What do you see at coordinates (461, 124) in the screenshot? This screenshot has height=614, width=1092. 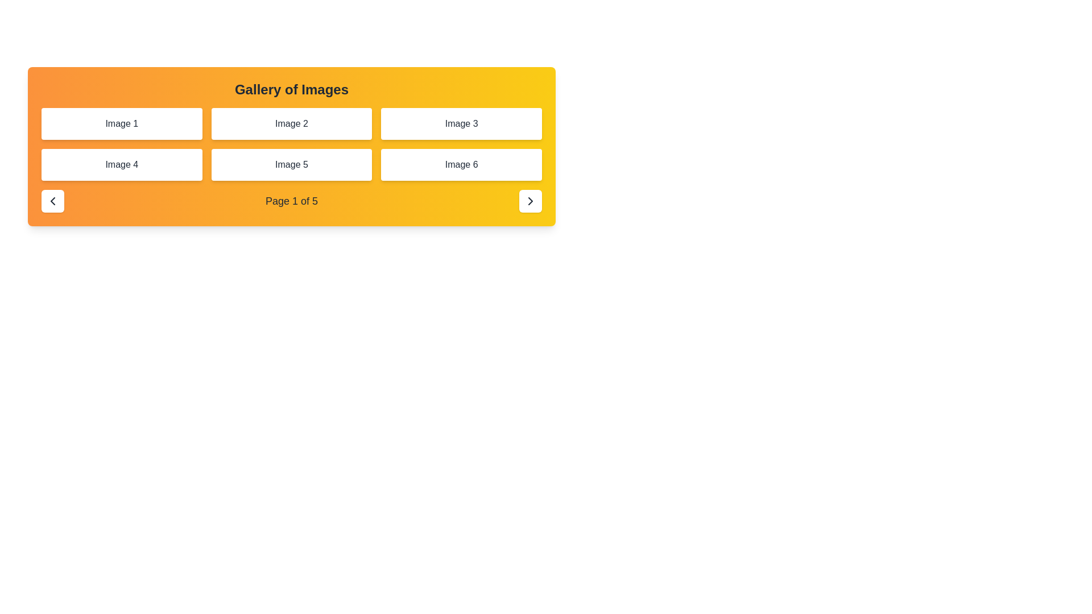 I see `the static label or card displaying 'Image 3', which is a rectangular card with rounded corners located in the top right of a 3x2 grid layout` at bounding box center [461, 124].